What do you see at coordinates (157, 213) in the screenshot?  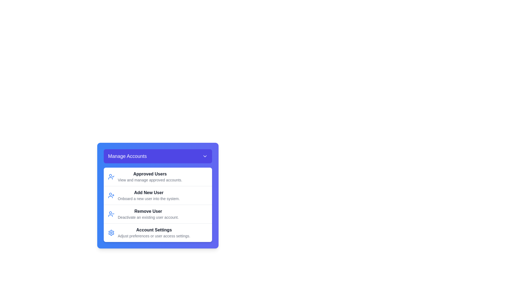 I see `the 'Remove User' list item, which is the third section in a vertical list, featuring a blue user silhouette icon with a minus sign and bold text 'Remove User'` at bounding box center [157, 213].